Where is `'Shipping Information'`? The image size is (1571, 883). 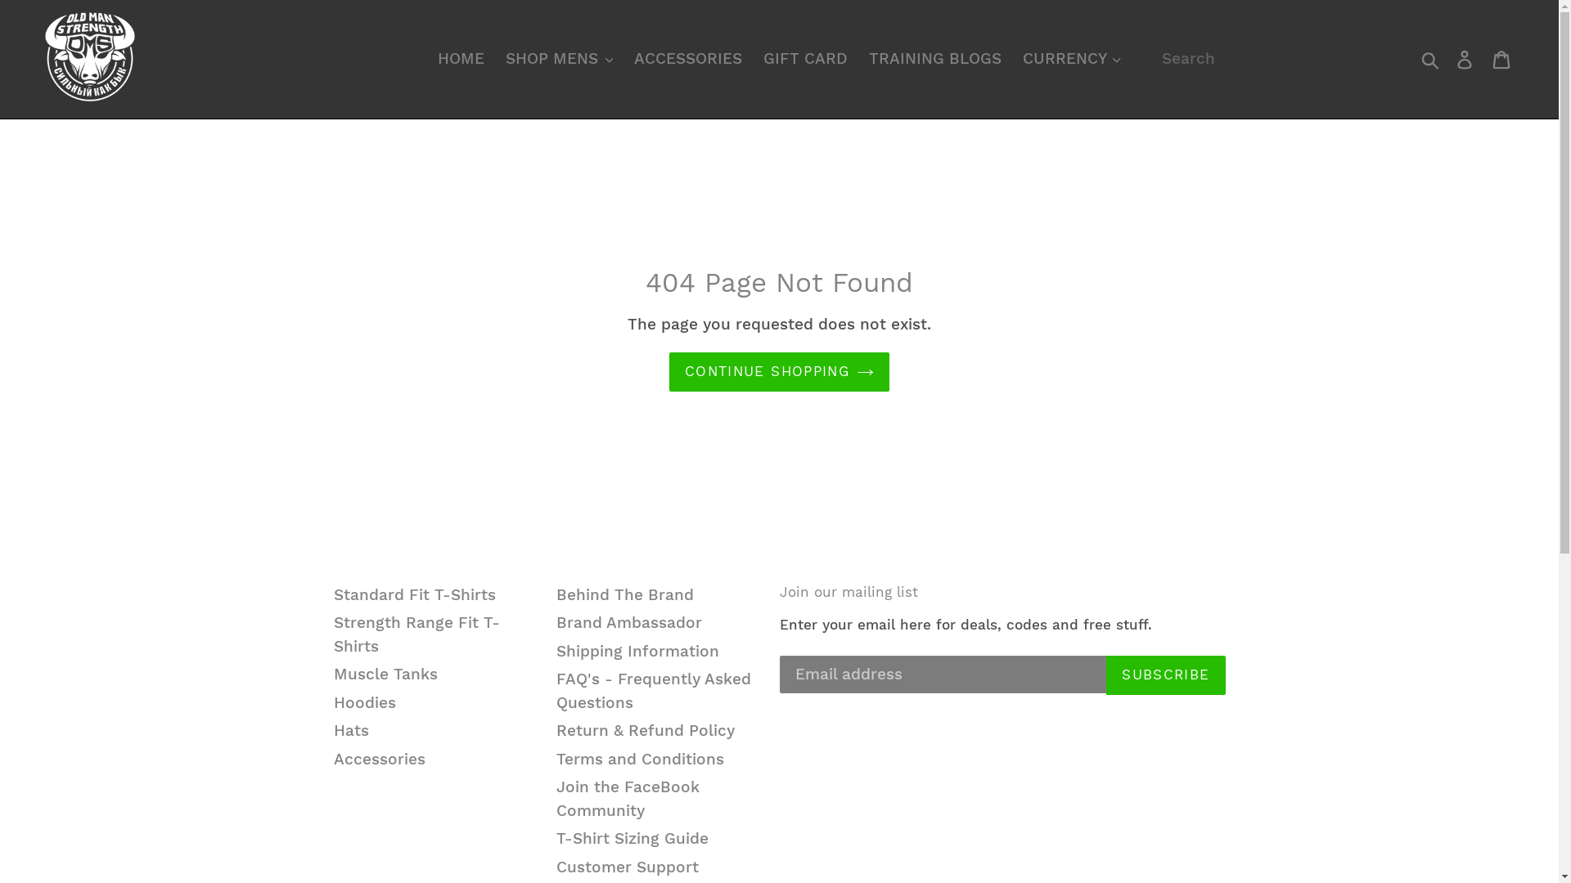
'Shipping Information' is located at coordinates (556, 650).